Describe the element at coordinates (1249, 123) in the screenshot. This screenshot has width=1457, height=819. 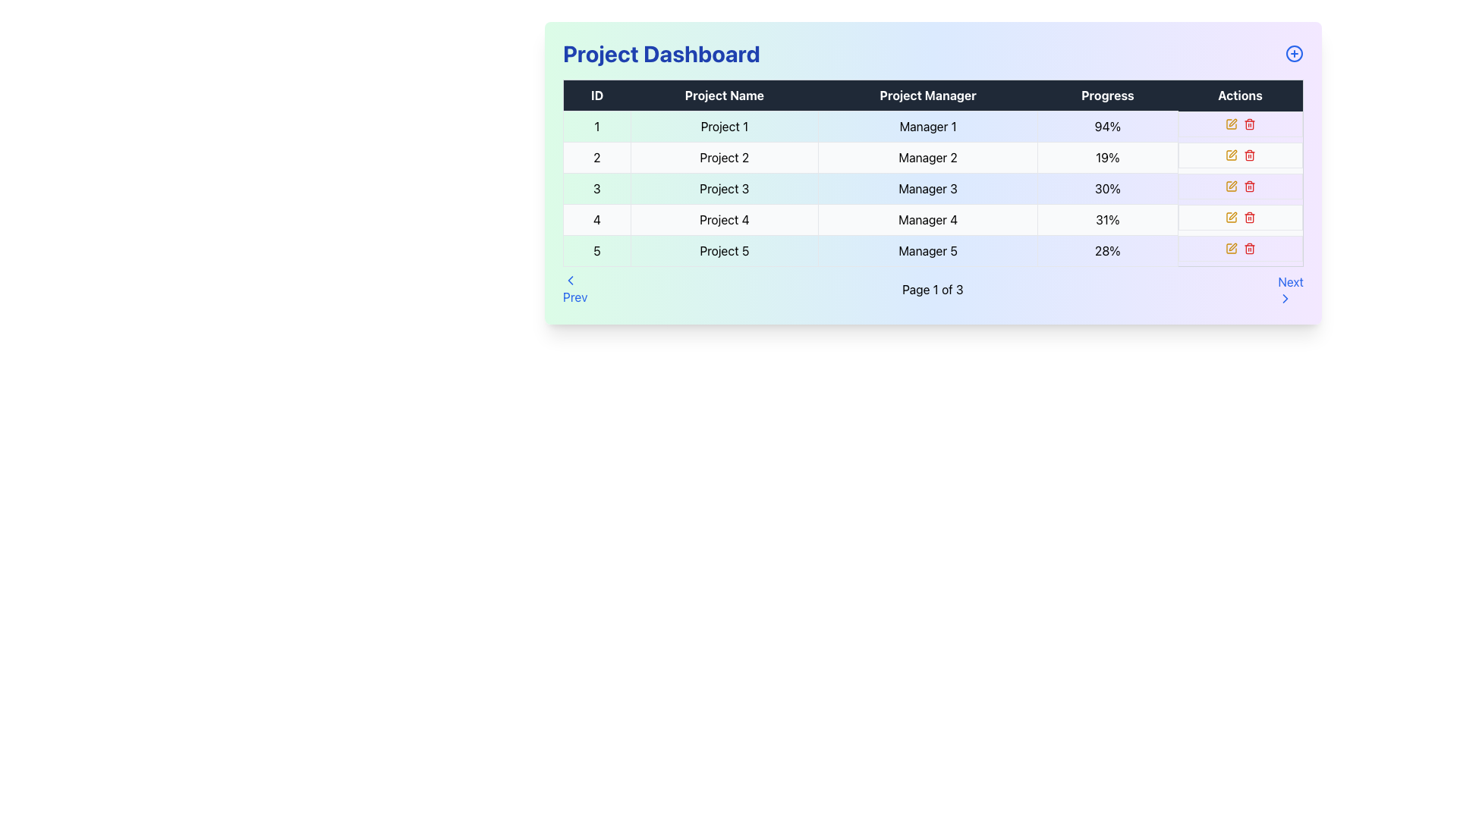
I see `the delete button located in the last cell of the 'Actions' column for Project 1` at that location.